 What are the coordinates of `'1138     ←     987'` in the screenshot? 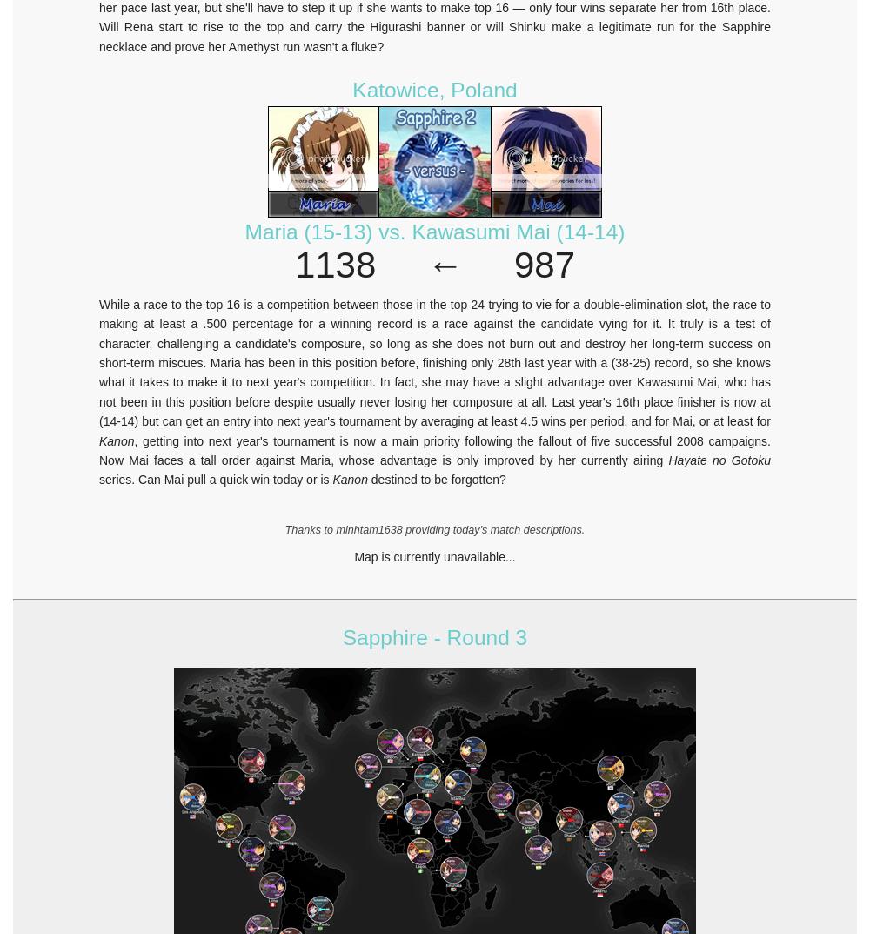 It's located at (433, 264).